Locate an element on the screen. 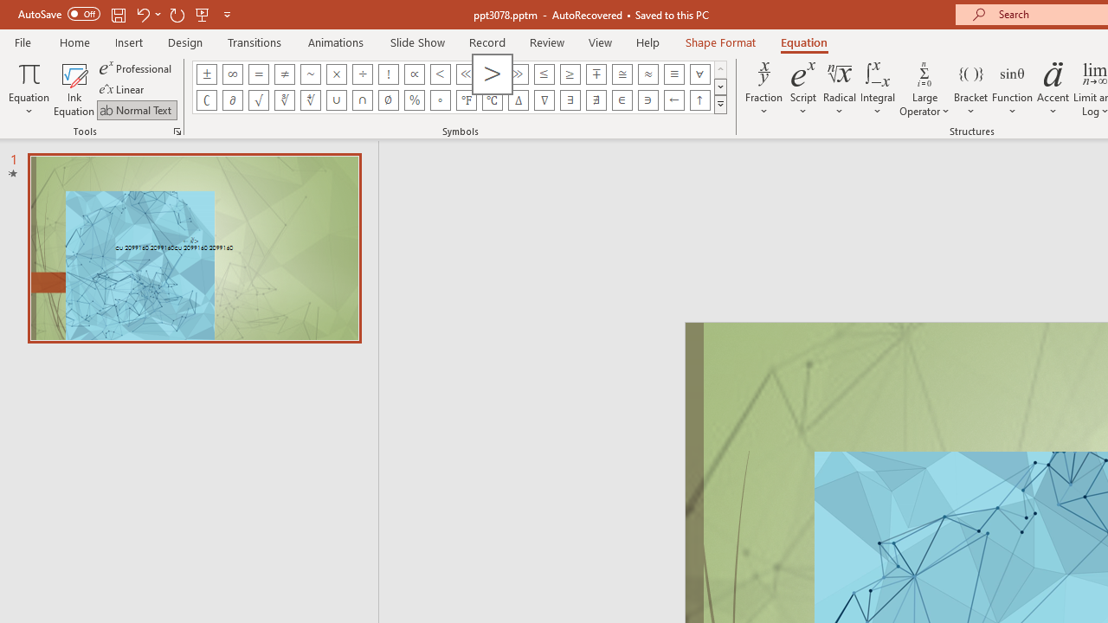  'Equation Symbol Much Greater Than' is located at coordinates (518, 74).